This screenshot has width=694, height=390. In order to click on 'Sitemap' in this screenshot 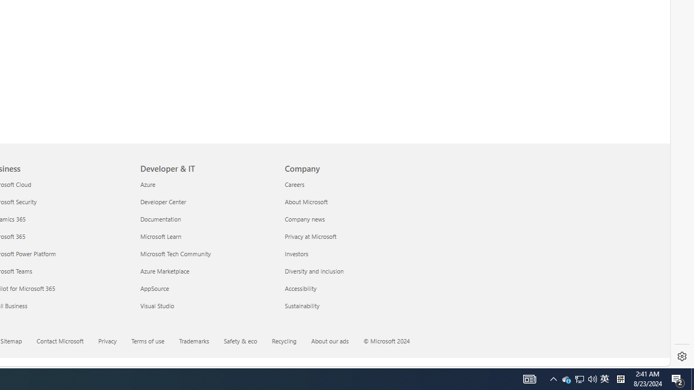, I will do `click(17, 342)`.